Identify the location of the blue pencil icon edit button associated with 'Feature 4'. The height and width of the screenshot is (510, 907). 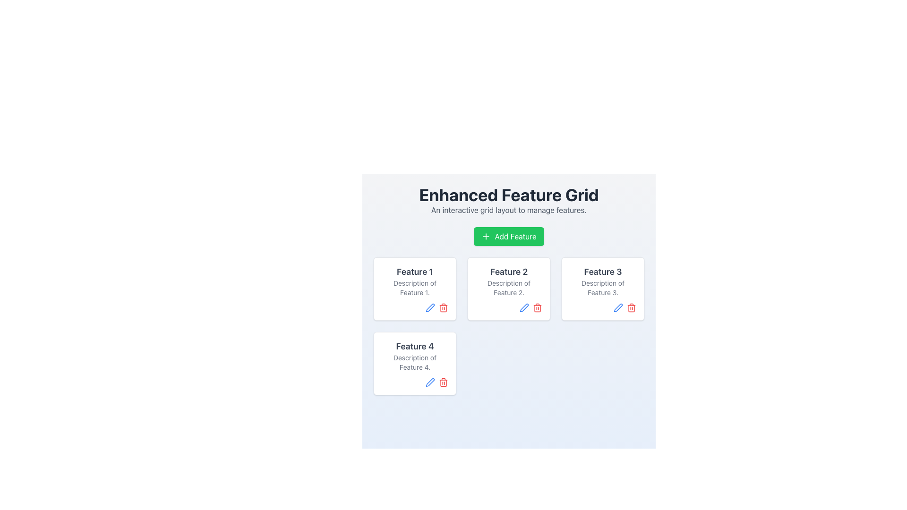
(430, 307).